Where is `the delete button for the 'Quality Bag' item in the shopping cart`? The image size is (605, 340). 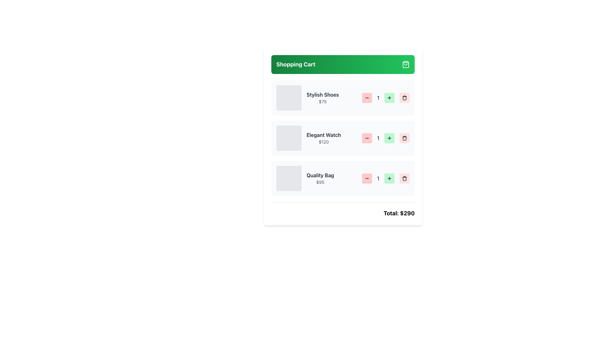
the delete button for the 'Quality Bag' item in the shopping cart is located at coordinates (404, 178).